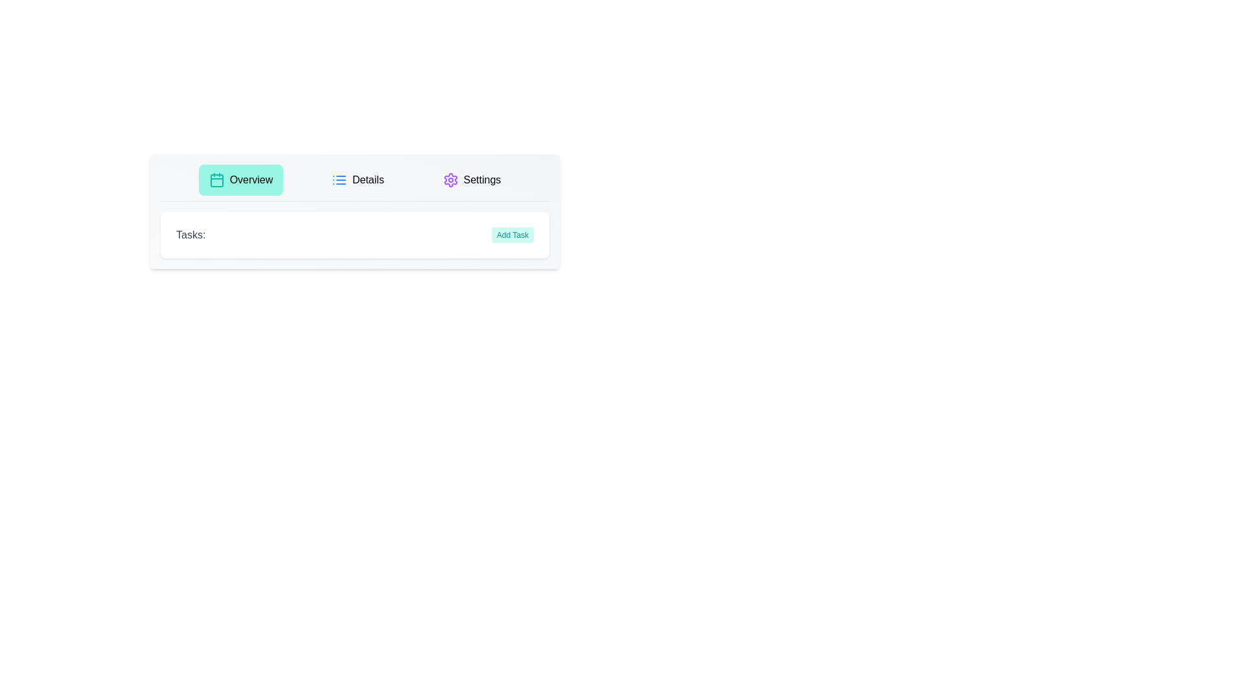  Describe the element at coordinates (512, 235) in the screenshot. I see `'Add Task' button to initiate task addition` at that location.